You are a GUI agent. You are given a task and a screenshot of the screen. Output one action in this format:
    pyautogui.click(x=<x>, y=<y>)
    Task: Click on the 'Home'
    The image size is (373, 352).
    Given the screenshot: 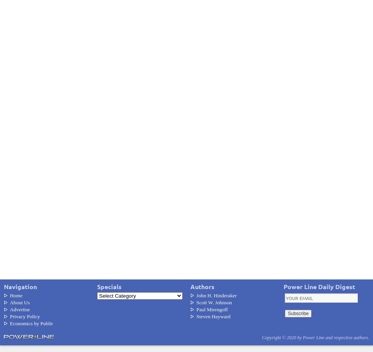 What is the action you would take?
    pyautogui.click(x=15, y=295)
    